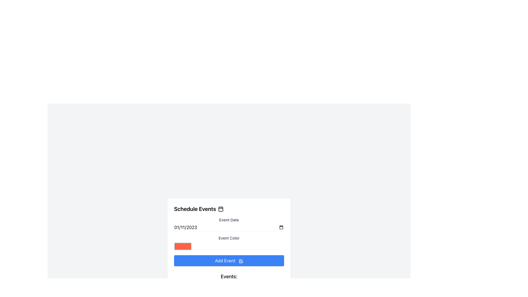 The height and width of the screenshot is (297, 528). Describe the element at coordinates (229, 287) in the screenshot. I see `the information displayed in the Information Display with Icon that shows the date '2023-11-02', located in the lower section of the interface under the 'Events' heading` at that location.